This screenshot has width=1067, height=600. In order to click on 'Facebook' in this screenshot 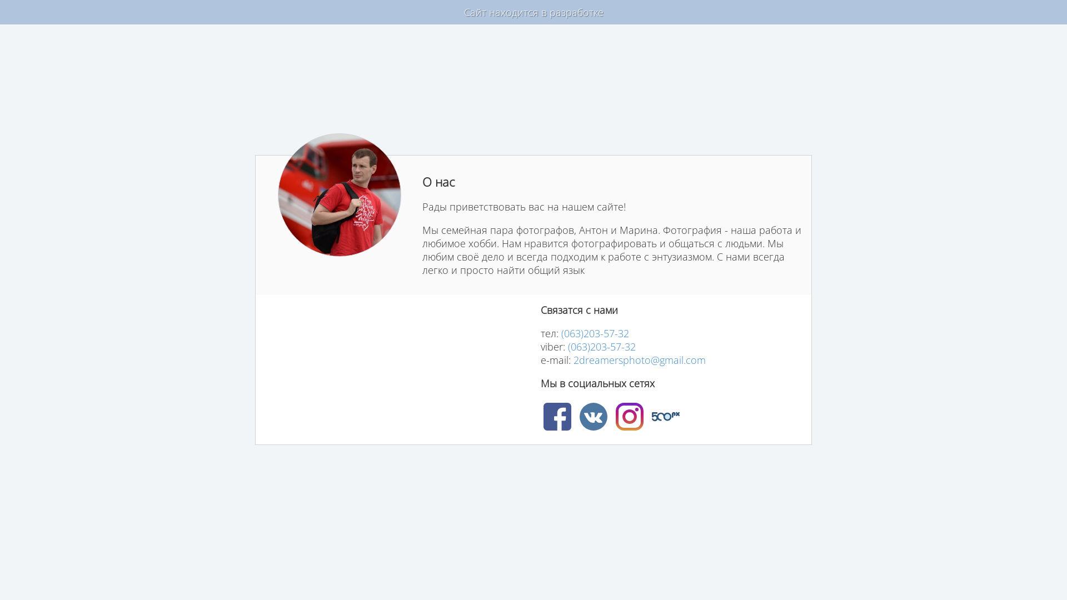, I will do `click(557, 416)`.